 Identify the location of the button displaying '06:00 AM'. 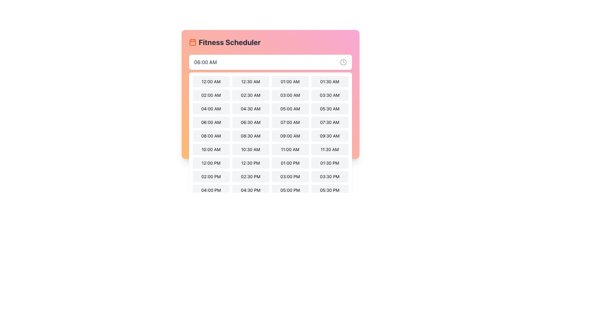
(211, 122).